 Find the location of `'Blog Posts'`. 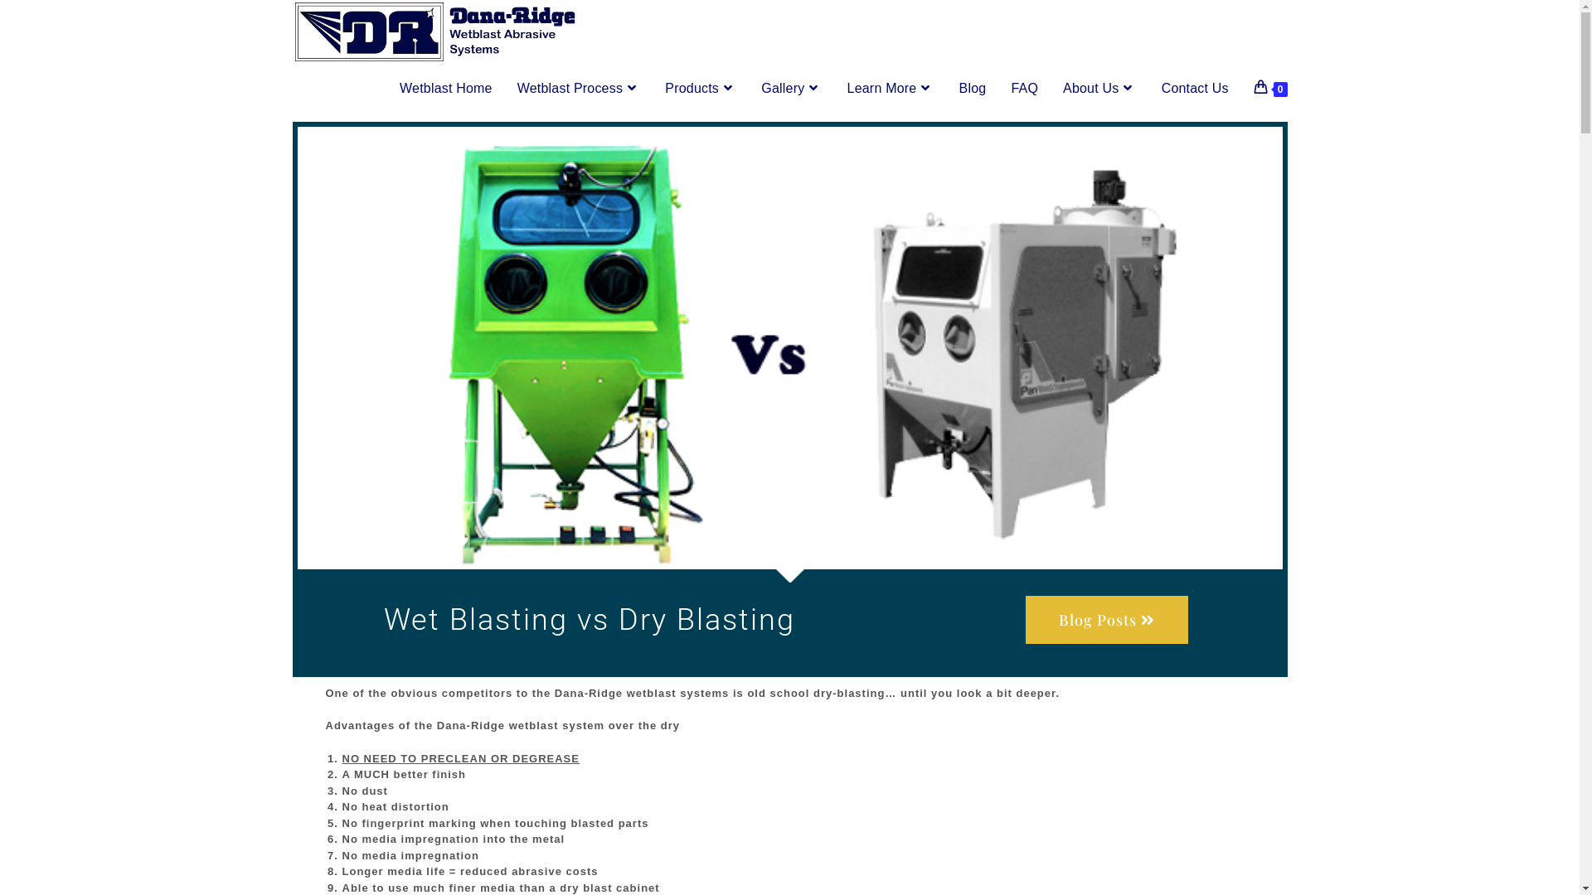

'Blog Posts' is located at coordinates (1106, 620).